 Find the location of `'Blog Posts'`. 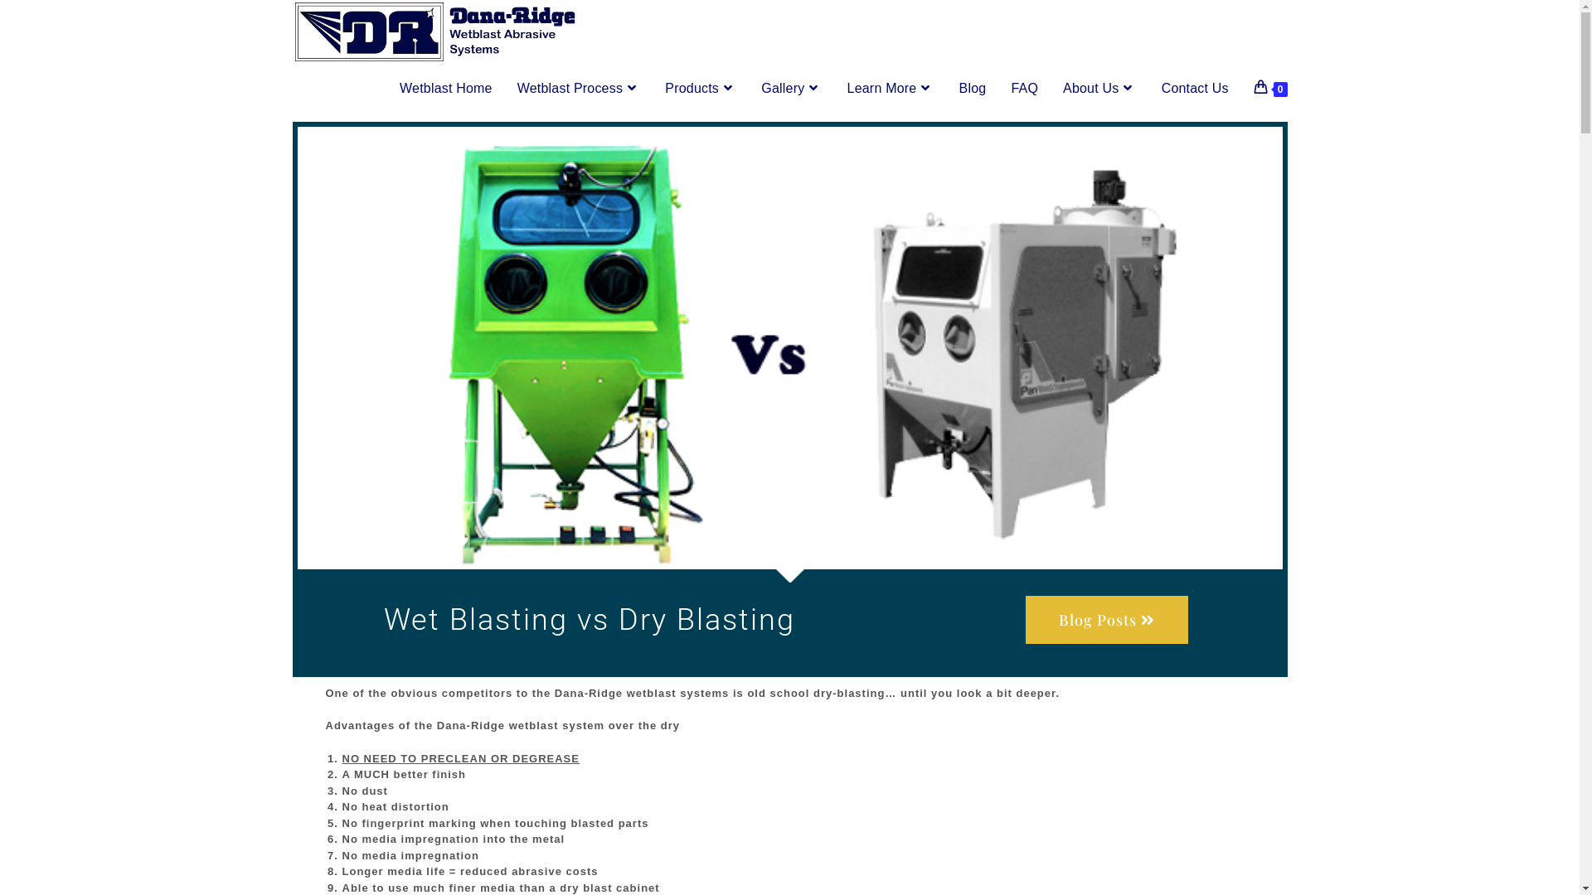

'Blog Posts' is located at coordinates (1106, 620).